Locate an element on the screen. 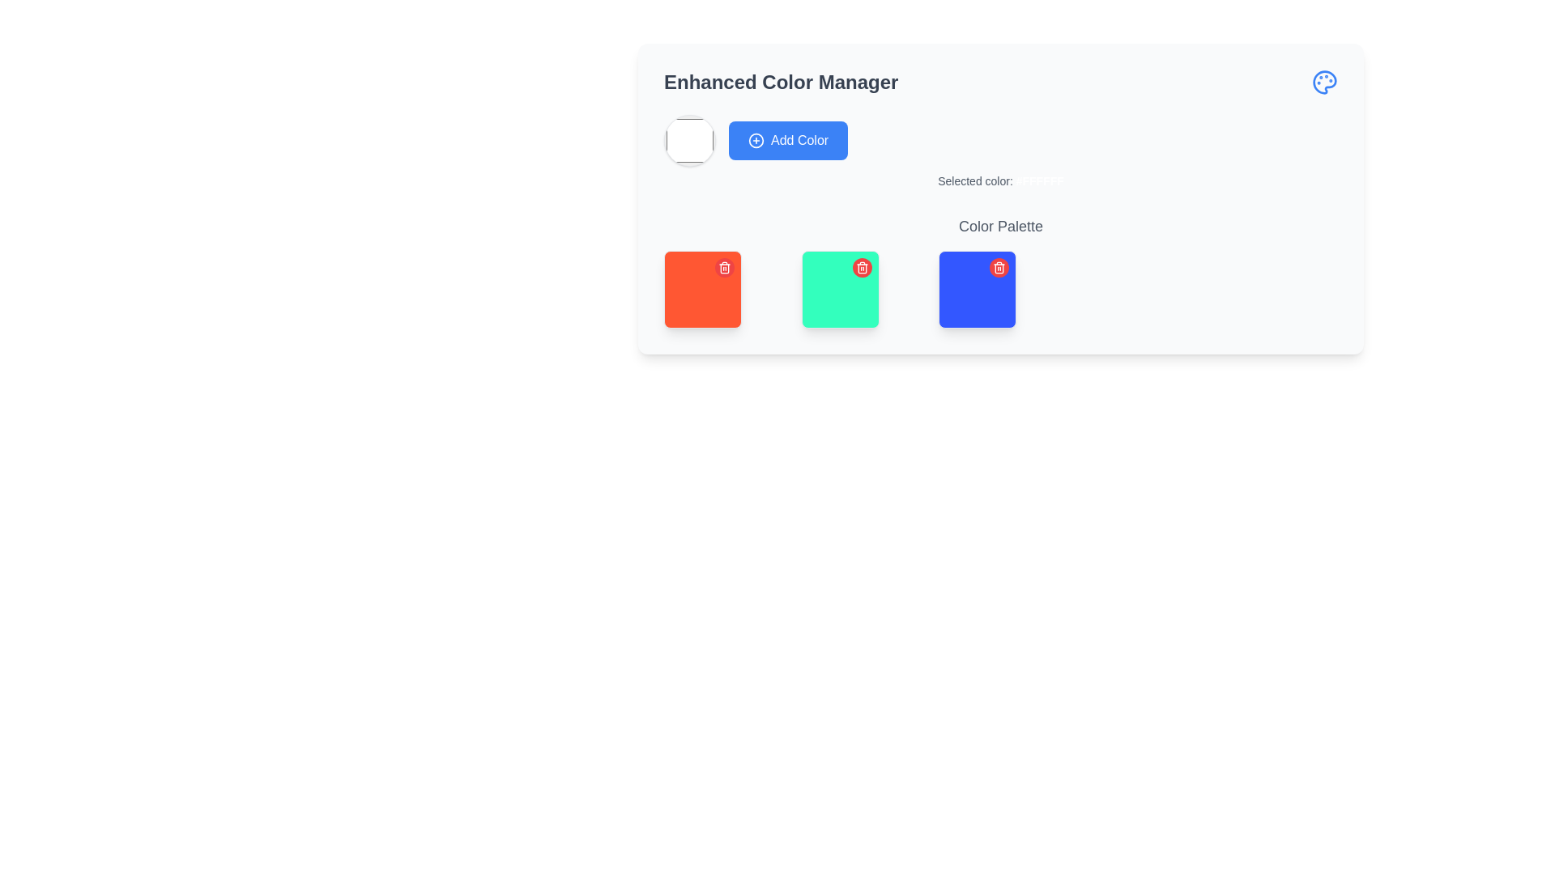  the 'Add Color' button, which is a blue rectangular button with white text and rounded corners, located below the 'Enhanced Color Manager' heading is located at coordinates (788, 139).